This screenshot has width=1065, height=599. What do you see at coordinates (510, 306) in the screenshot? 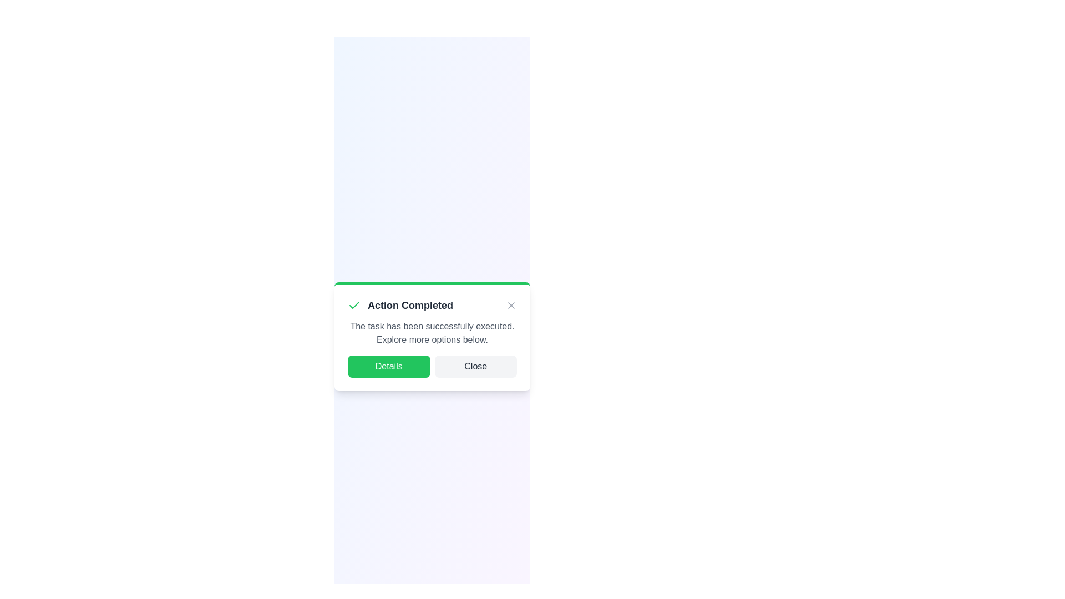
I see `the close button to dismiss the alert` at bounding box center [510, 306].